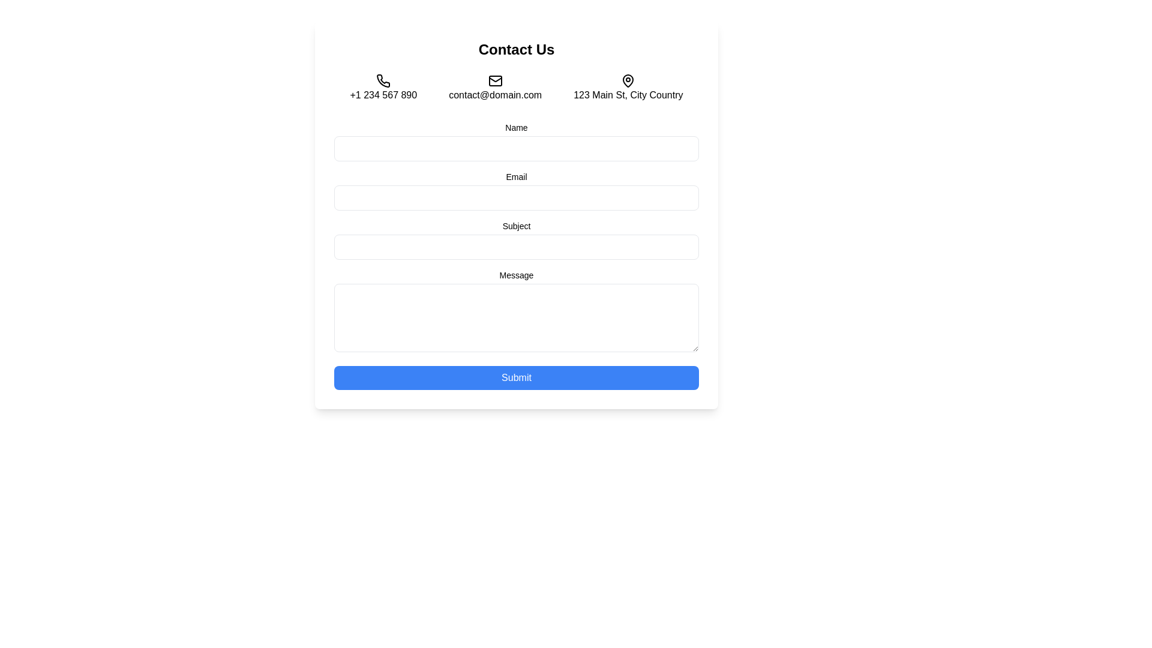  I want to click on the 'Subject' label that indicates the purpose of the adjacent text input field, positioned between the email input and the message text area, so click(516, 226).